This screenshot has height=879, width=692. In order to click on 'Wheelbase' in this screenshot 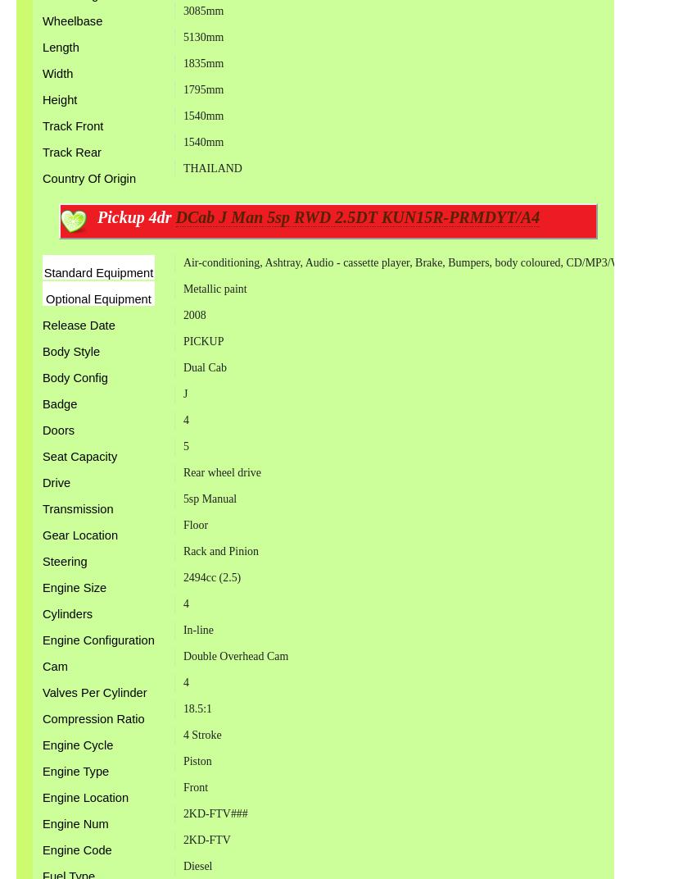, I will do `click(72, 20)`.